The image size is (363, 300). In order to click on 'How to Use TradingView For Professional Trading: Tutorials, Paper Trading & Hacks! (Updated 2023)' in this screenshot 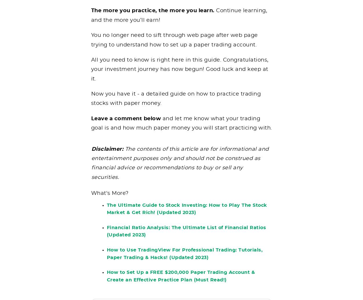, I will do `click(184, 258)`.